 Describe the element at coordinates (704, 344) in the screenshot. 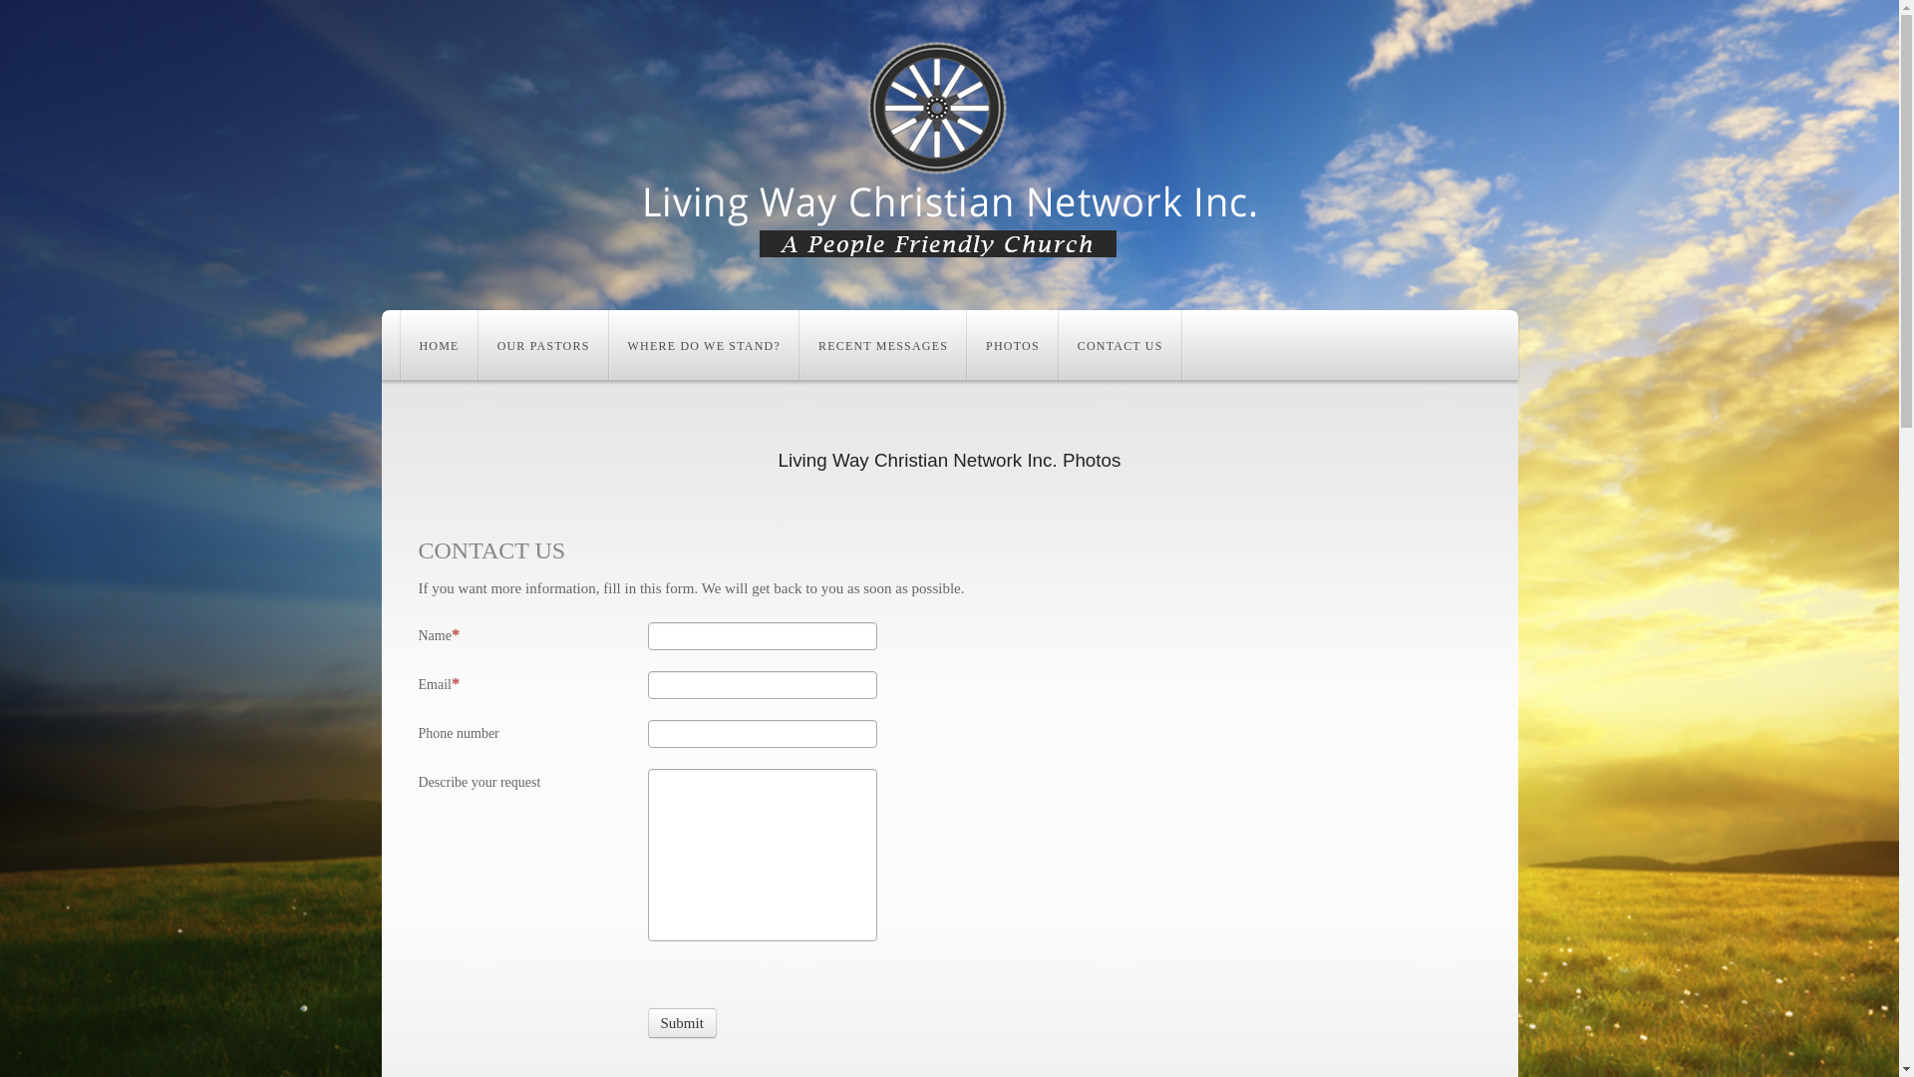

I see `'WHERE DO WE STAND?'` at that location.